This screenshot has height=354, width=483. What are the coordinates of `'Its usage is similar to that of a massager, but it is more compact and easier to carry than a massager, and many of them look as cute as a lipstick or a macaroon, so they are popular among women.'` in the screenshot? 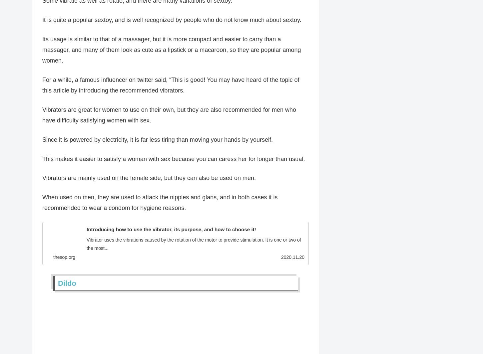 It's located at (42, 52).